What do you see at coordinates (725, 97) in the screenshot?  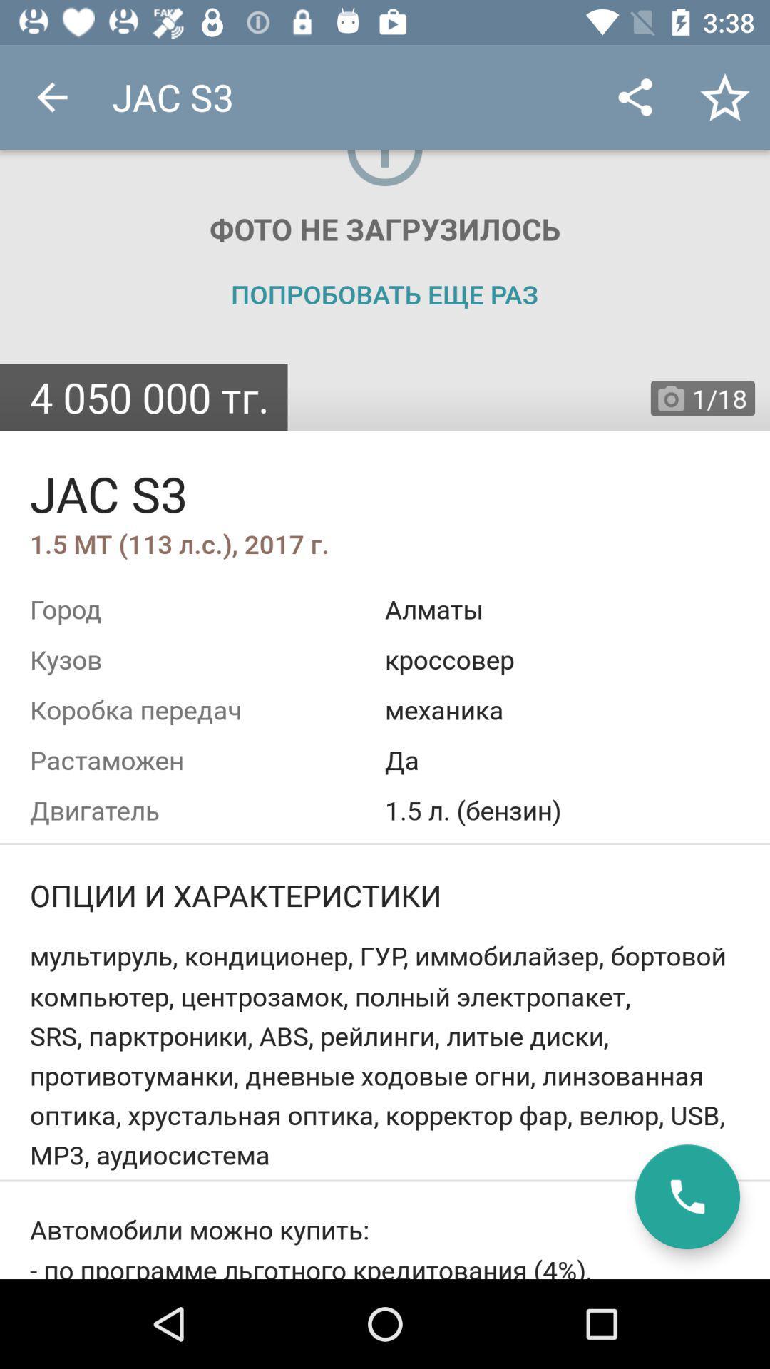 I see `icon beside share` at bounding box center [725, 97].